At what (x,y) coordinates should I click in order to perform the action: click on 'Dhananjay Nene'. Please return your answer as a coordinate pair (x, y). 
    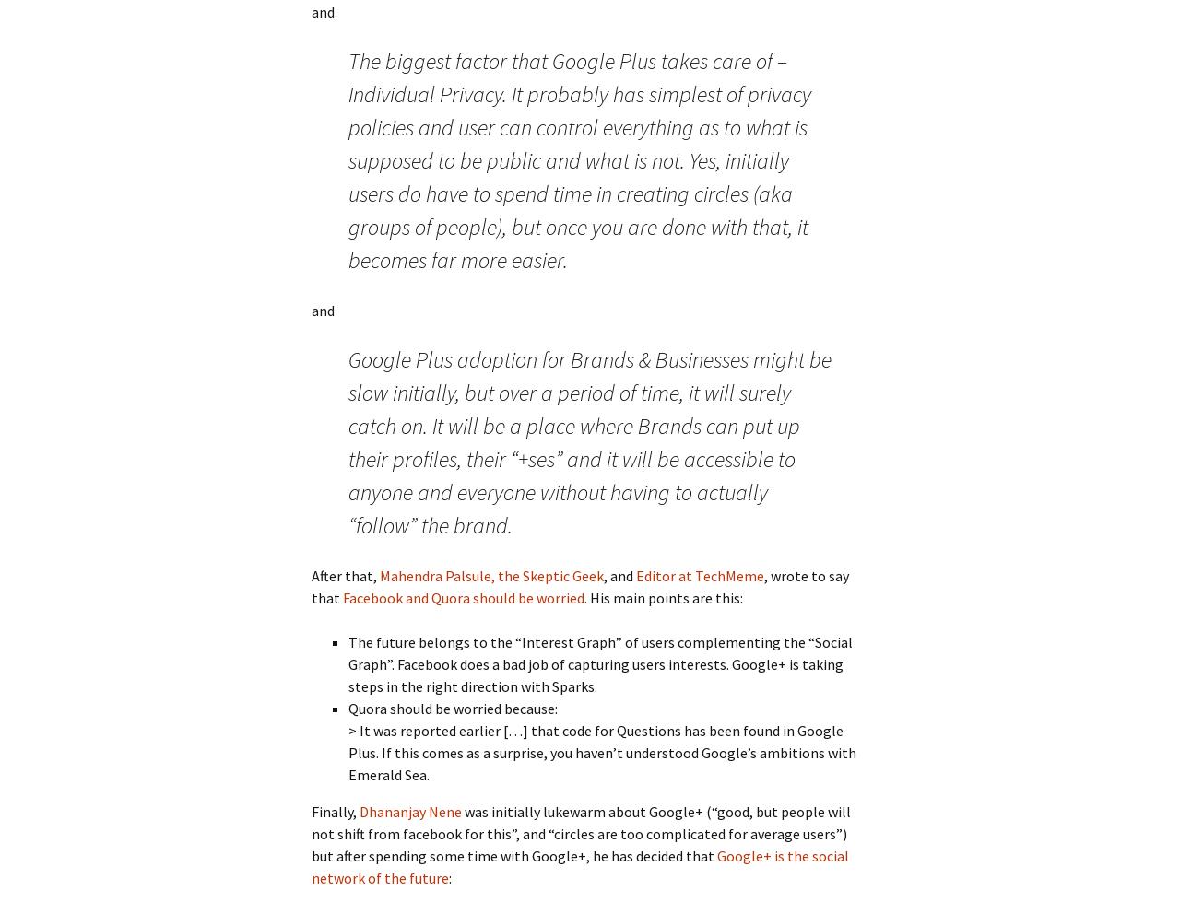
    Looking at the image, I should click on (409, 811).